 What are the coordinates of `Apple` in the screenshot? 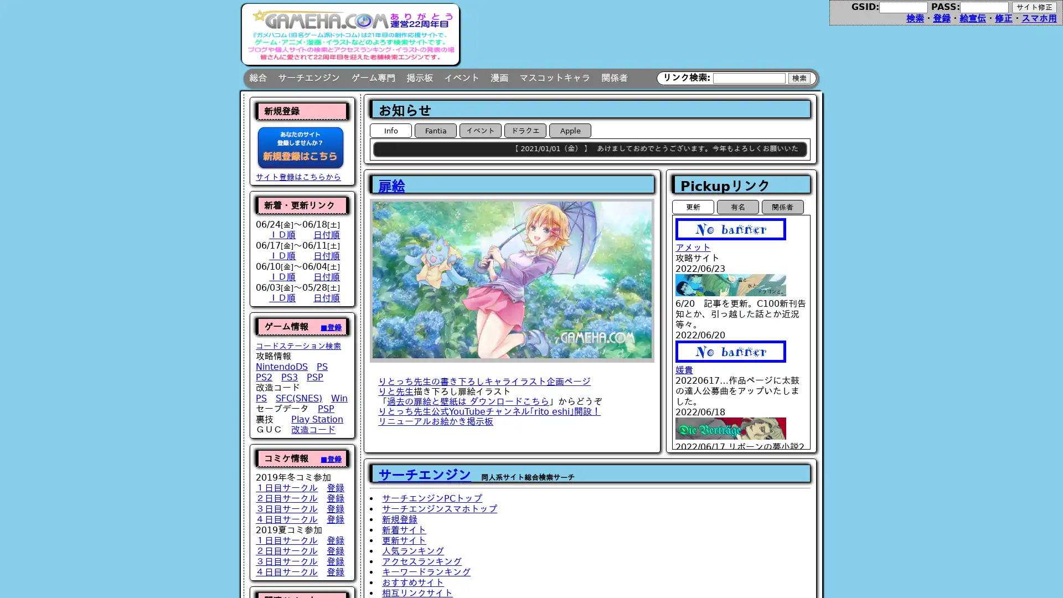 It's located at (570, 130).